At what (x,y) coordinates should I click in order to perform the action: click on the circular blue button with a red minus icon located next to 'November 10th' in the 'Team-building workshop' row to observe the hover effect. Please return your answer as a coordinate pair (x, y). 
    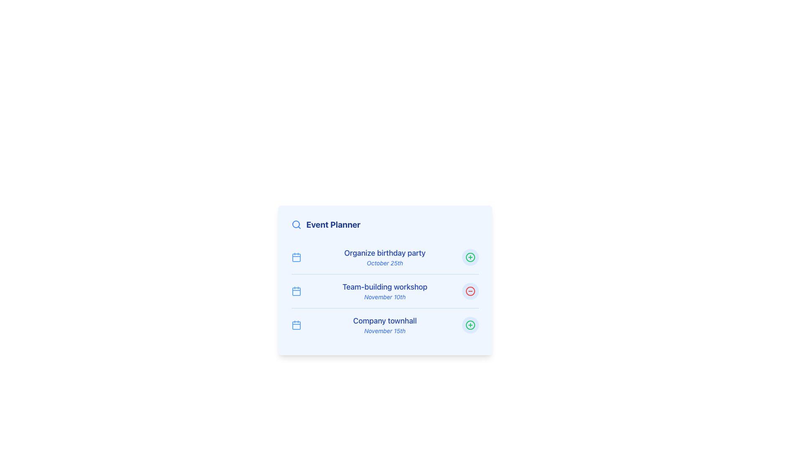
    Looking at the image, I should click on (470, 290).